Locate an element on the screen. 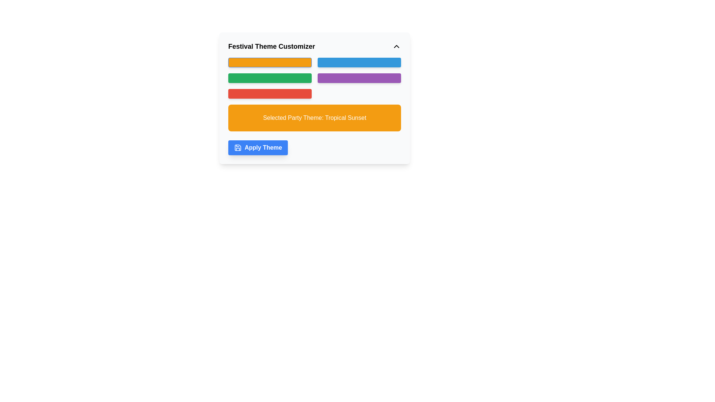  the text label stating 'Selected Party Theme: Tropical Sunset' which is styled with a bold, white font on an orange rectangular background is located at coordinates (314, 117).